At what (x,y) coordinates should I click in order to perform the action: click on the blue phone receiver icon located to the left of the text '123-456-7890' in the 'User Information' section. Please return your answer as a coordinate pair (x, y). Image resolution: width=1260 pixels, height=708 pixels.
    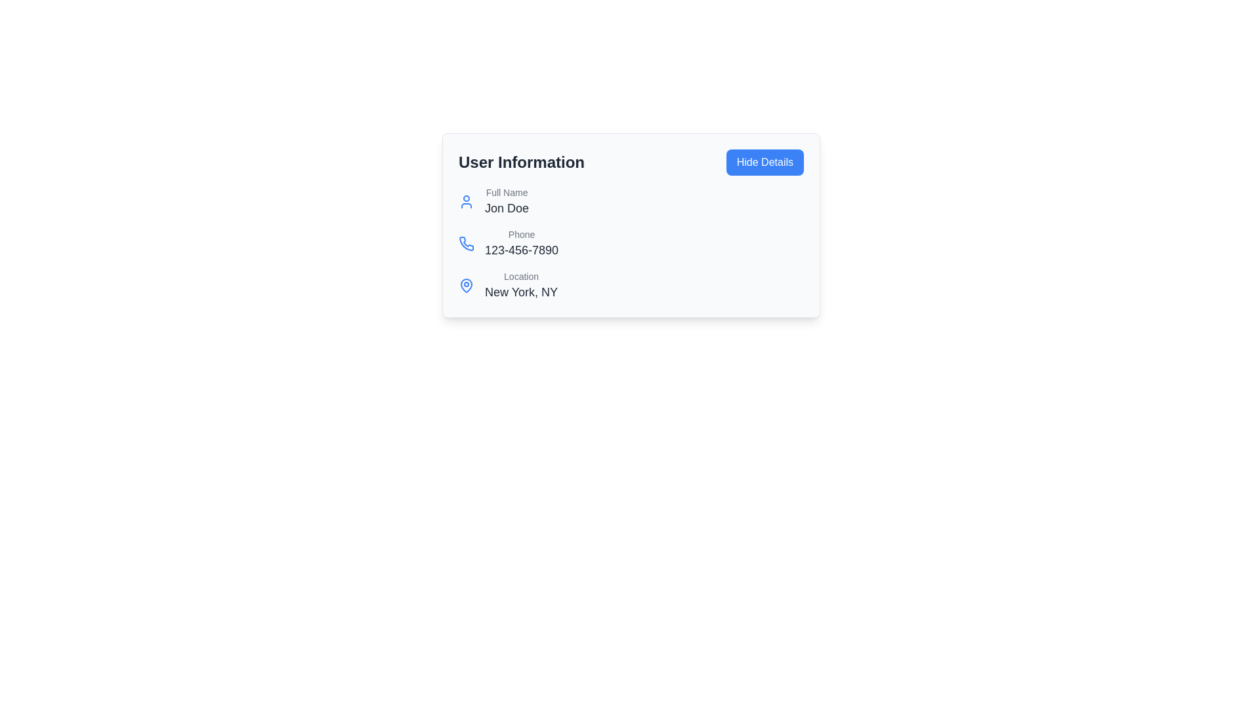
    Looking at the image, I should click on (466, 243).